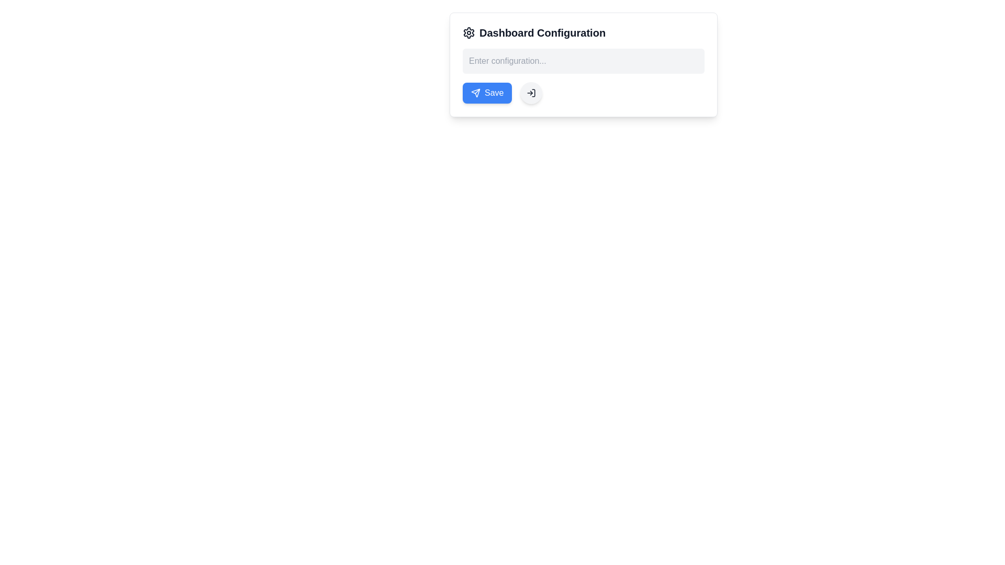  I want to click on the circular button with a light gray background and an icon of a rightward arrow entering a doorway, located to the right of the 'Save' button in the configuration dialog box, so click(531, 92).